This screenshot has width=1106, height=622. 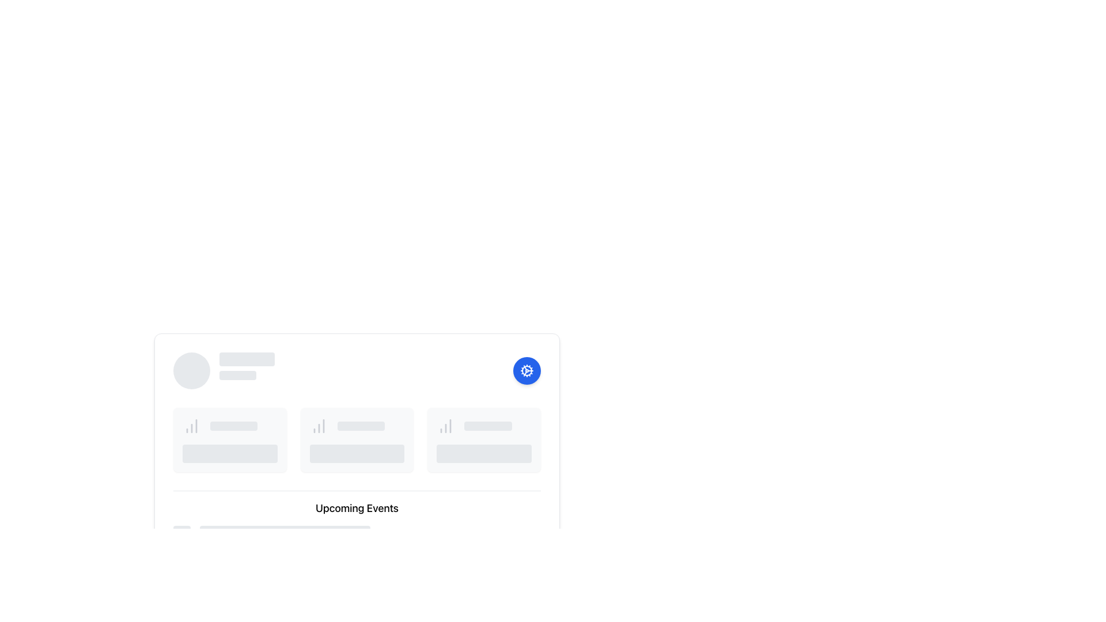 I want to click on the interactive green button located at the bottom-right corner of the view, so click(x=507, y=577).